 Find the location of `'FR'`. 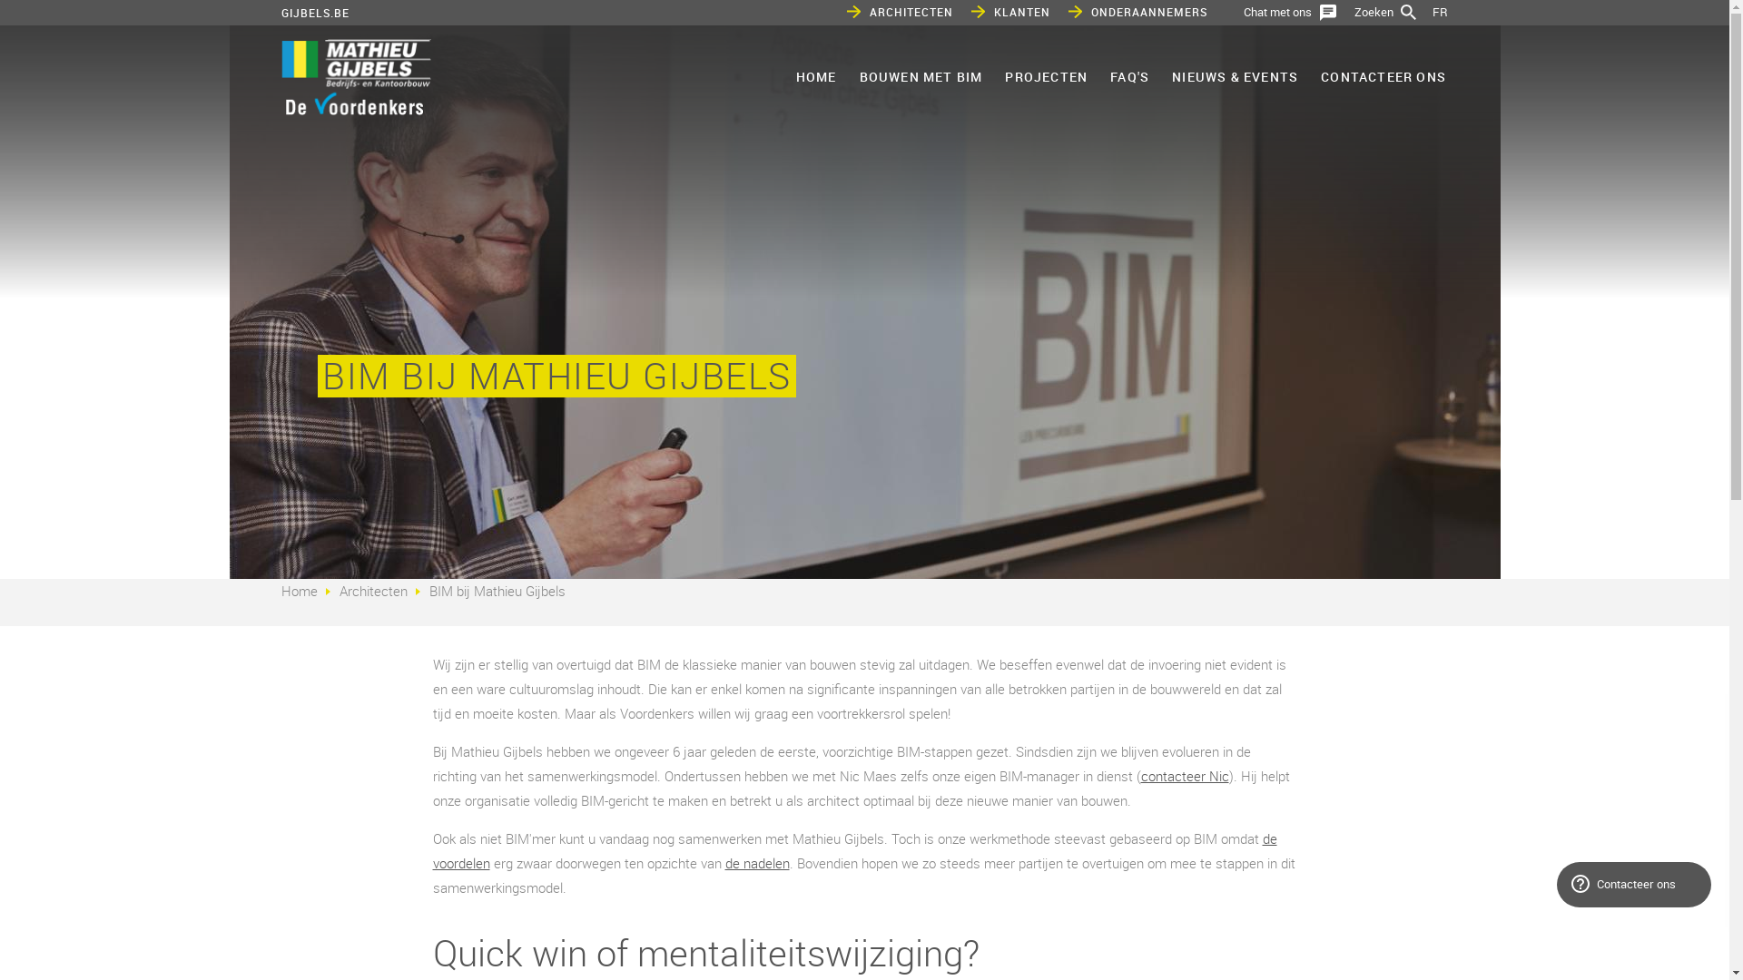

'FR' is located at coordinates (1439, 11).